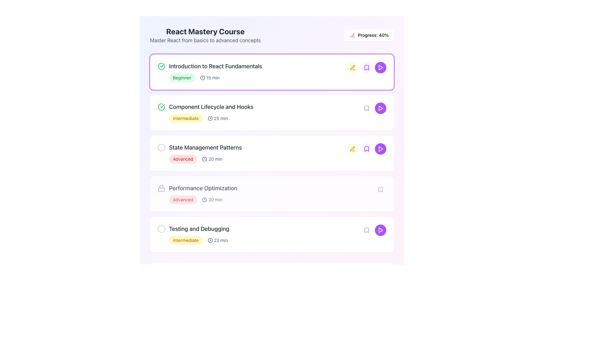  I want to click on the lock handle icon, which signifies security and is located at the upper section of the lock icon near 'Performance Optimization' in the course topics list, so click(161, 186).